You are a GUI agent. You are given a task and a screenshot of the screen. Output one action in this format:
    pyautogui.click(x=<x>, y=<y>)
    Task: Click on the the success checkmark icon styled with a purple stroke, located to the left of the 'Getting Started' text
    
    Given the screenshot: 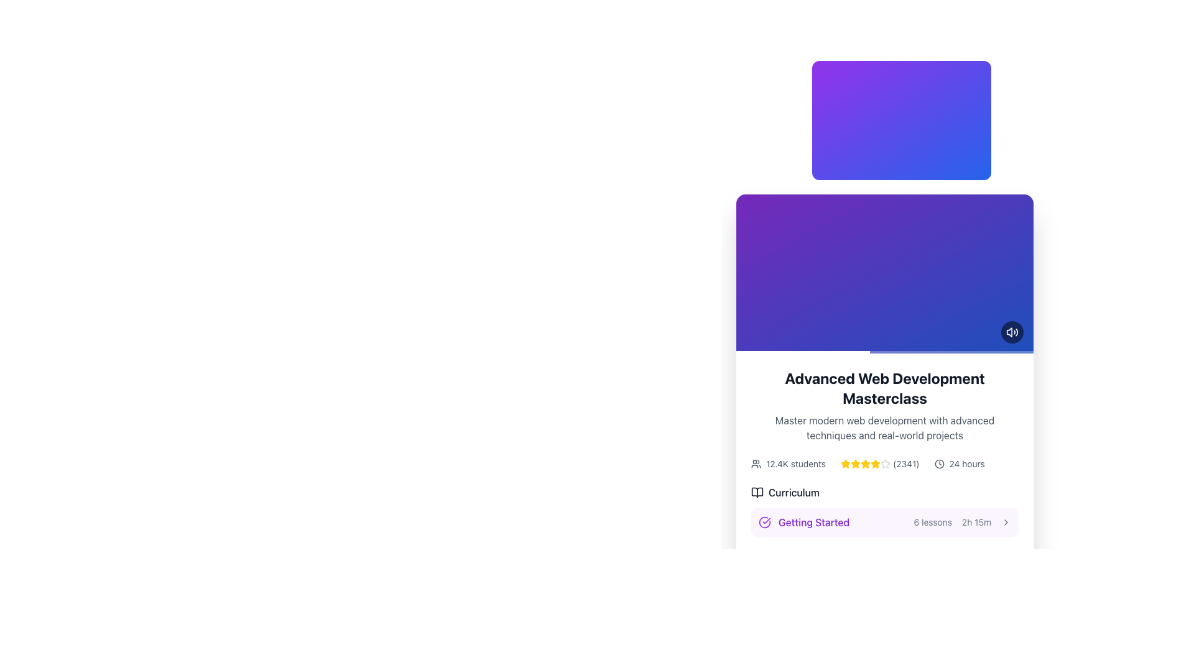 What is the action you would take?
    pyautogui.click(x=764, y=522)
    